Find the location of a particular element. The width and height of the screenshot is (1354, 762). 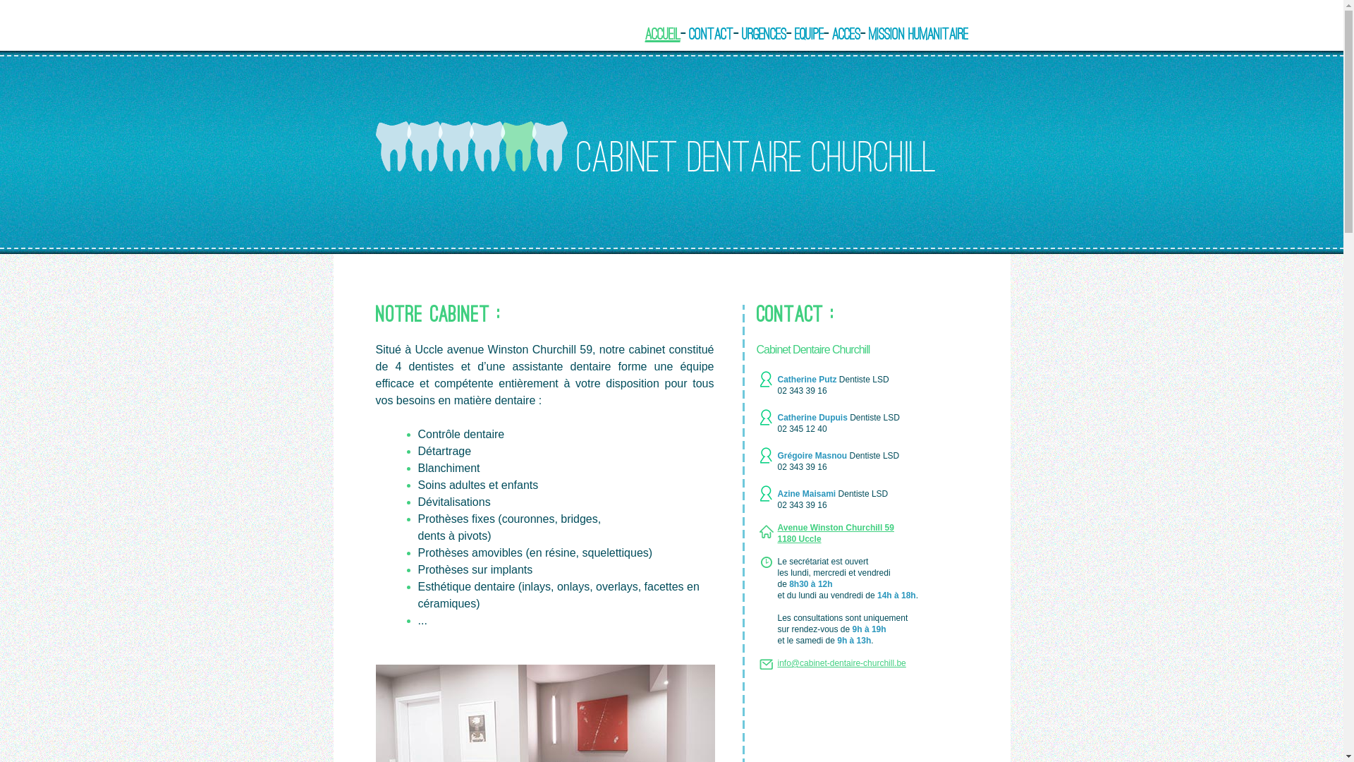

'Equipe' is located at coordinates (808, 33).